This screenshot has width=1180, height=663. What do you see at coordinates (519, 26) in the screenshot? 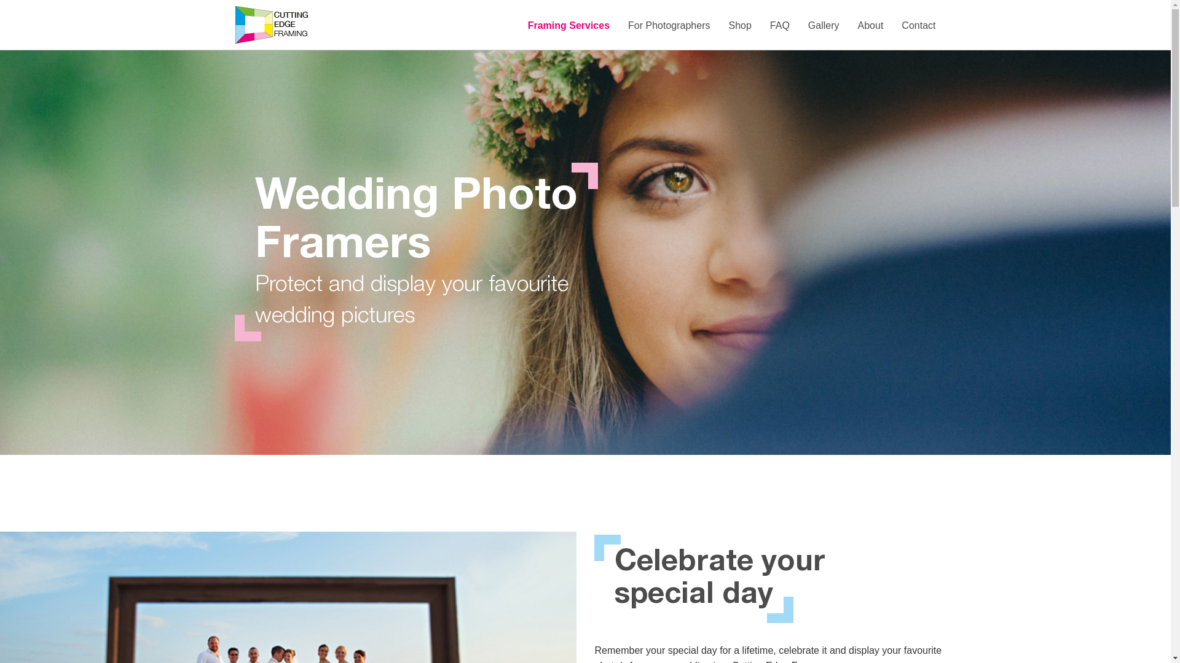
I see `'Framing Services'` at bounding box center [519, 26].